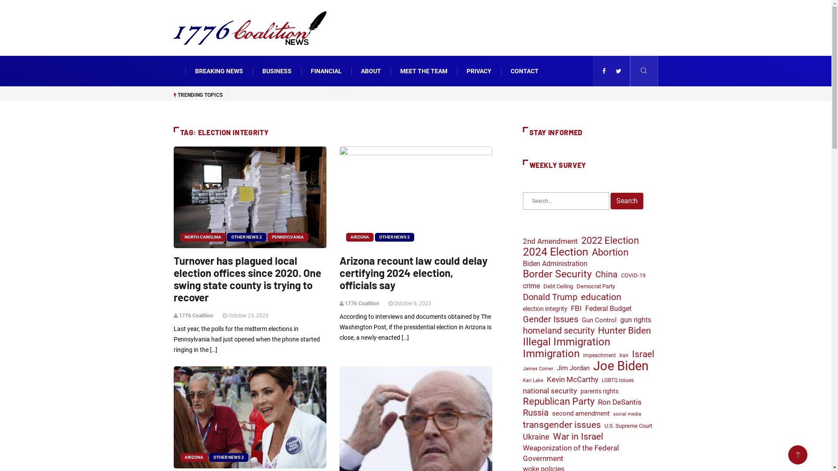  What do you see at coordinates (559, 402) in the screenshot?
I see `'Republican Party'` at bounding box center [559, 402].